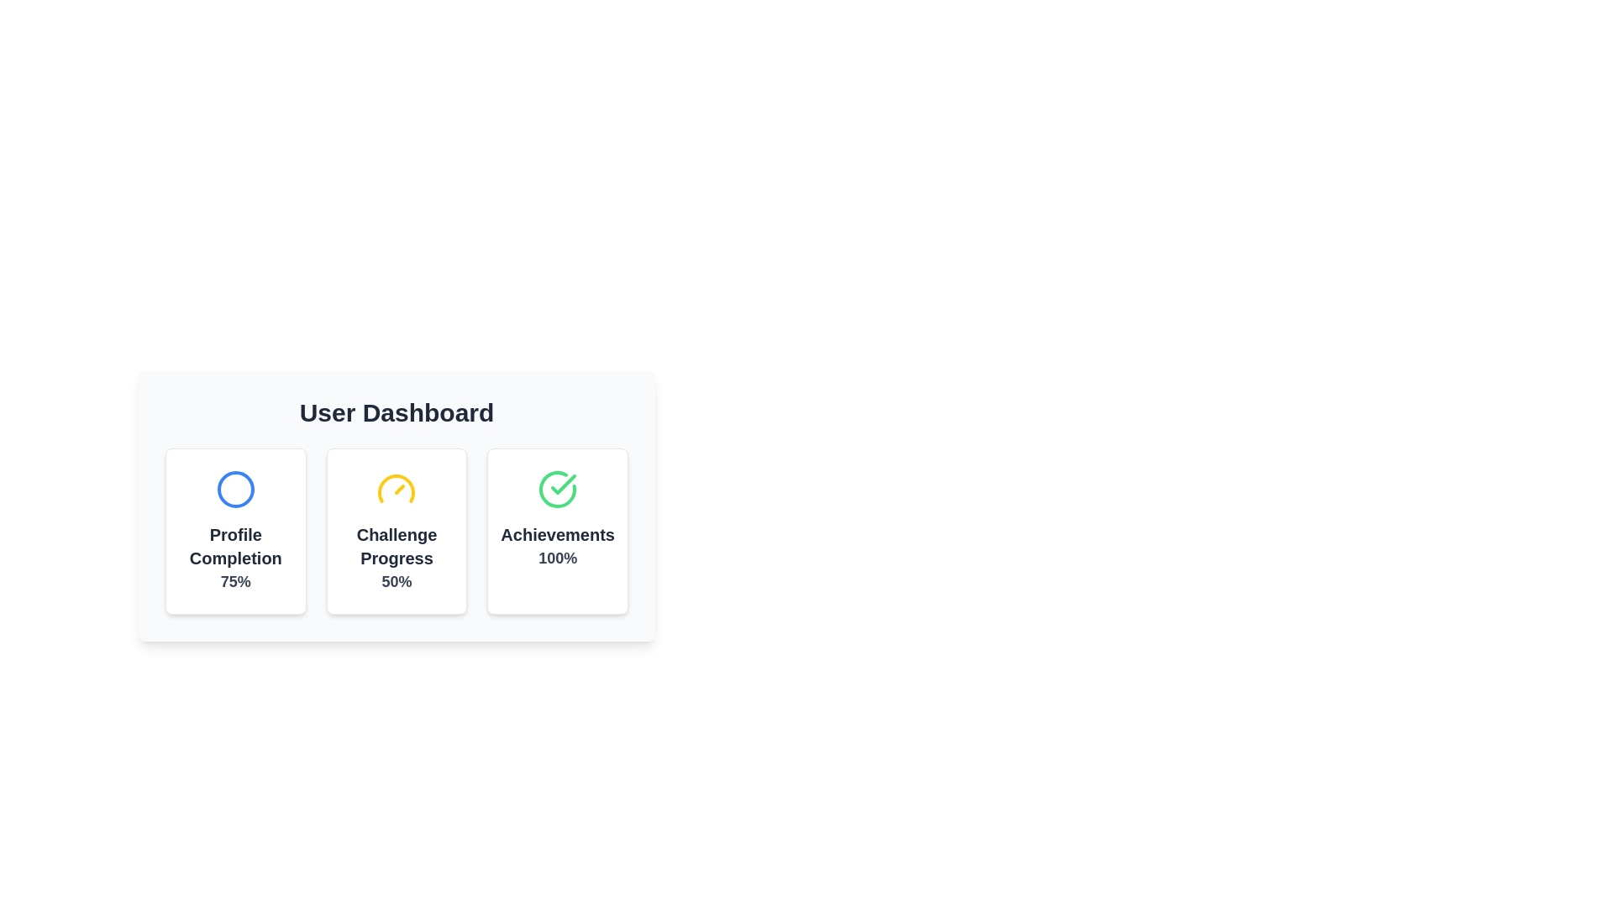 The image size is (1613, 907). What do you see at coordinates (558, 531) in the screenshot?
I see `information from the 'Achievements' Information card element, which displays a green checkmark icon, the text 'Achievements' in bold, and '100%' below it` at bounding box center [558, 531].